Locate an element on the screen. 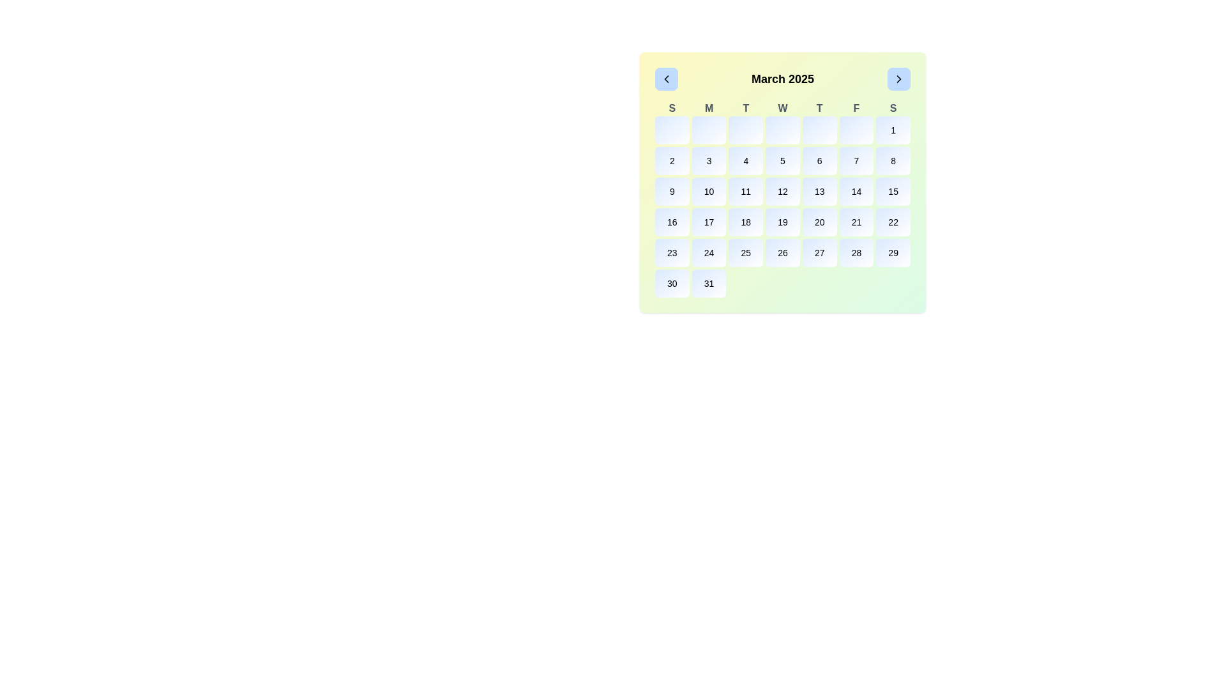 The image size is (1226, 690). the rectangular button with a gradient background that contains the number '19' is located at coordinates (782, 221).